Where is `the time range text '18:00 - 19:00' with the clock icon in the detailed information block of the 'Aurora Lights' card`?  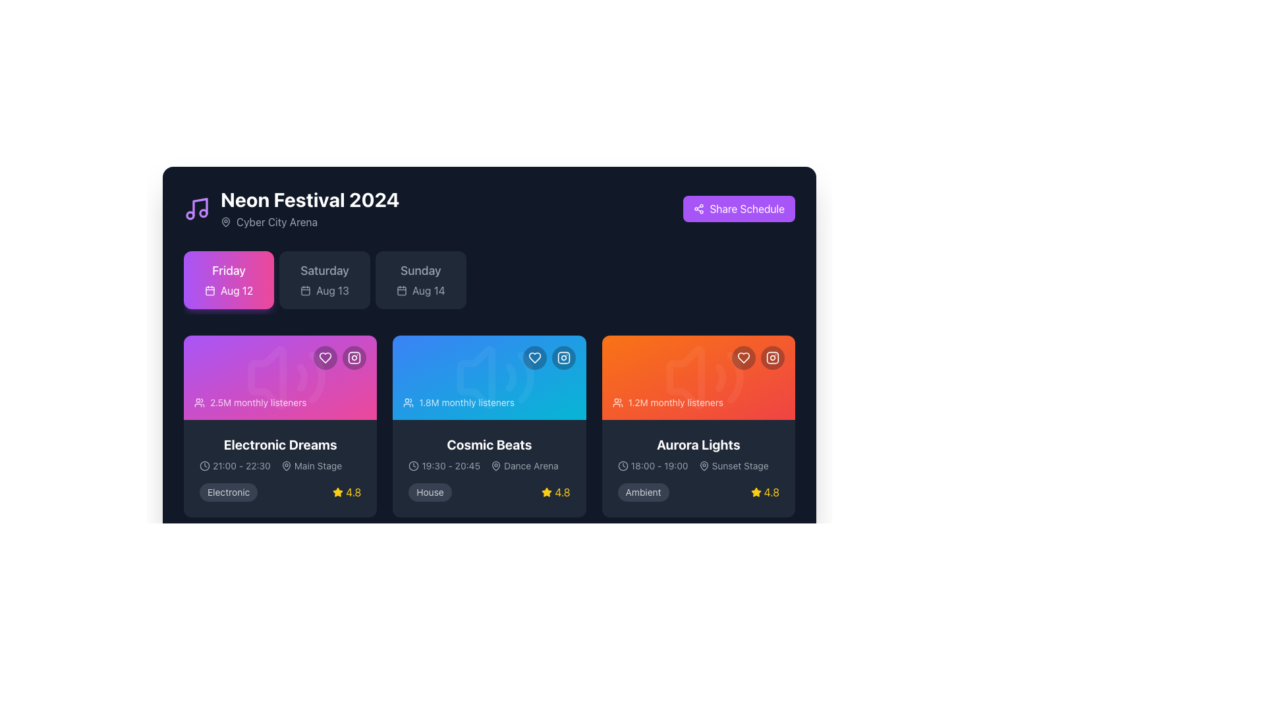
the time range text '18:00 - 19:00' with the clock icon in the detailed information block of the 'Aurora Lights' card is located at coordinates (653, 465).